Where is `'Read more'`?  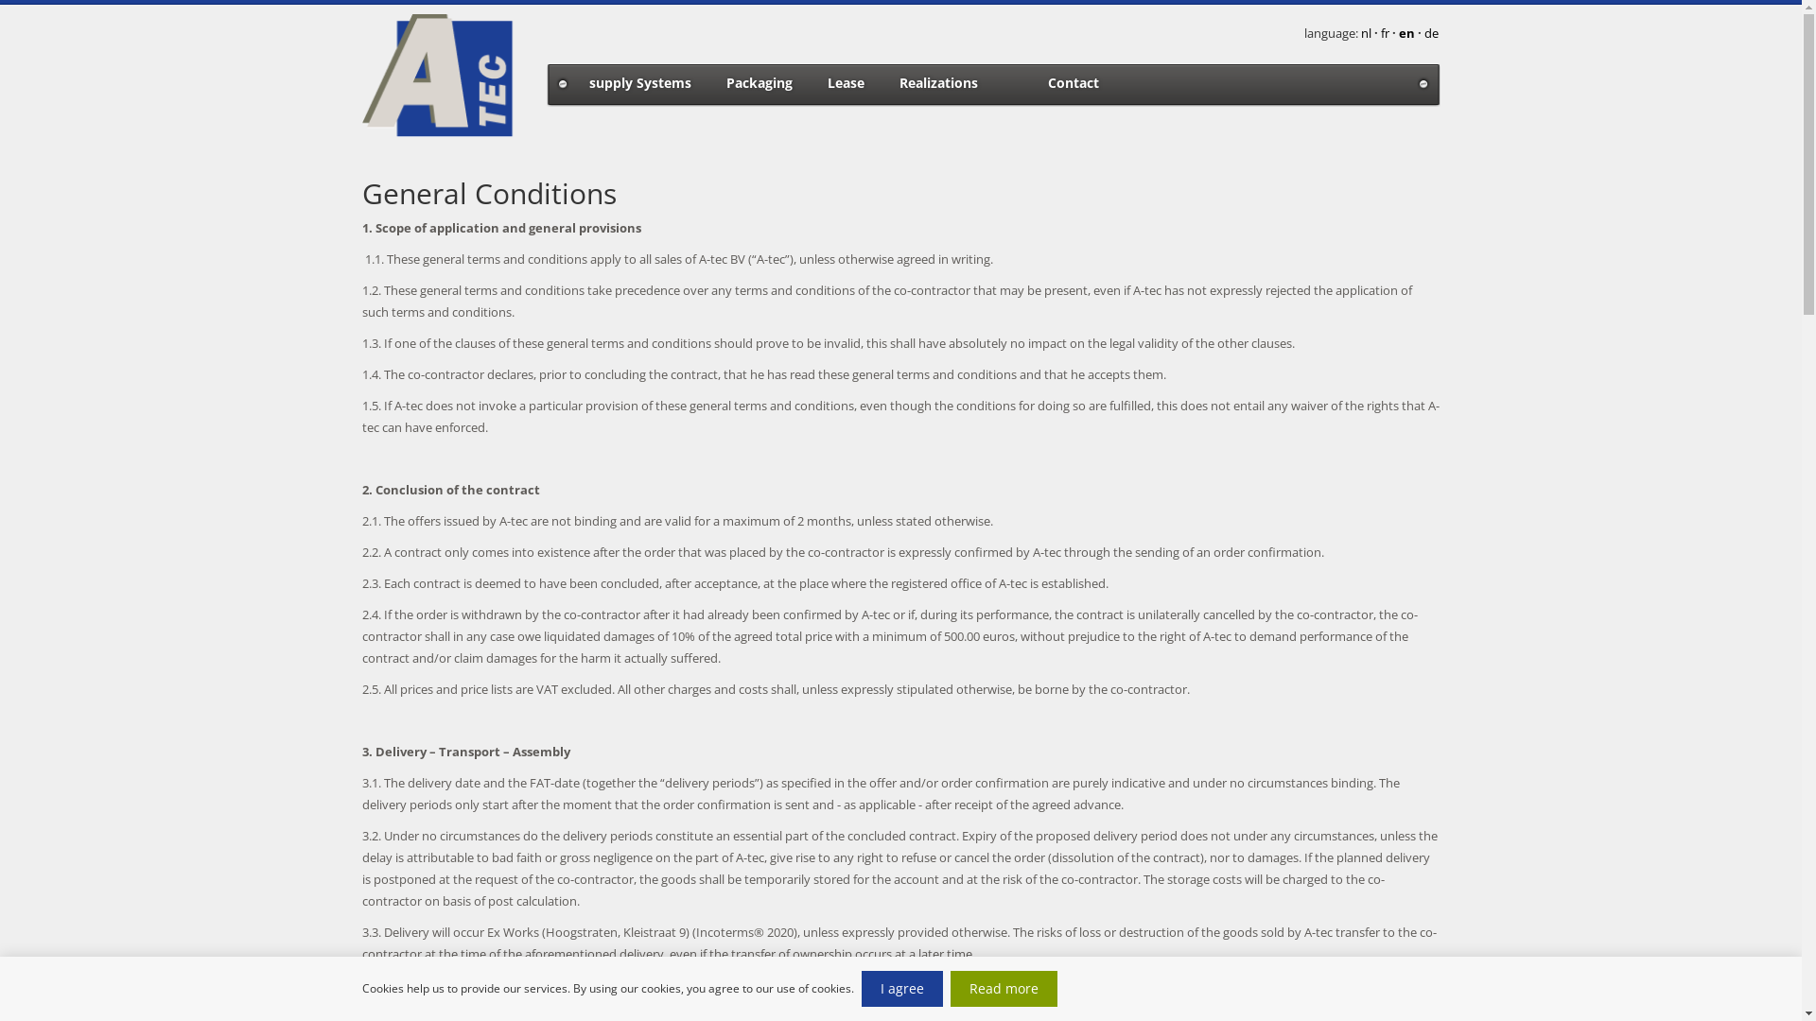
'Read more' is located at coordinates (949, 987).